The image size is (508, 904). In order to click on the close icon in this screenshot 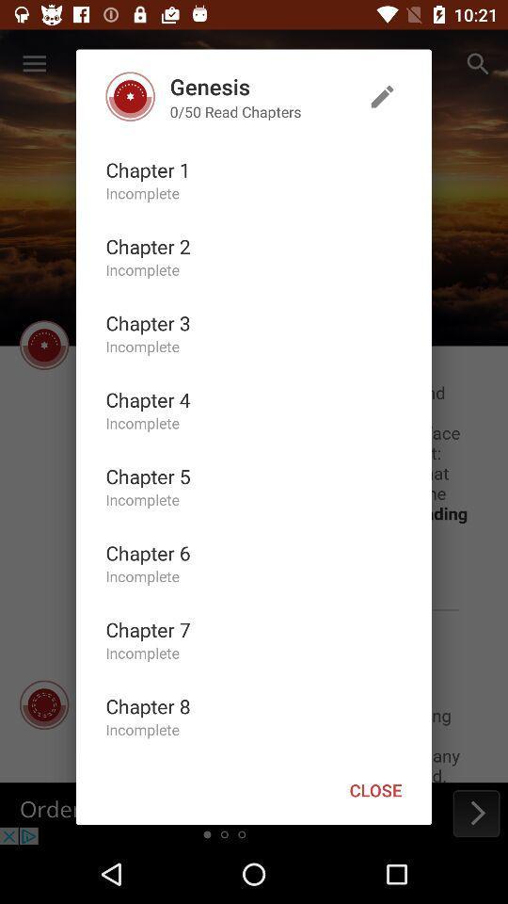, I will do `click(375, 790)`.